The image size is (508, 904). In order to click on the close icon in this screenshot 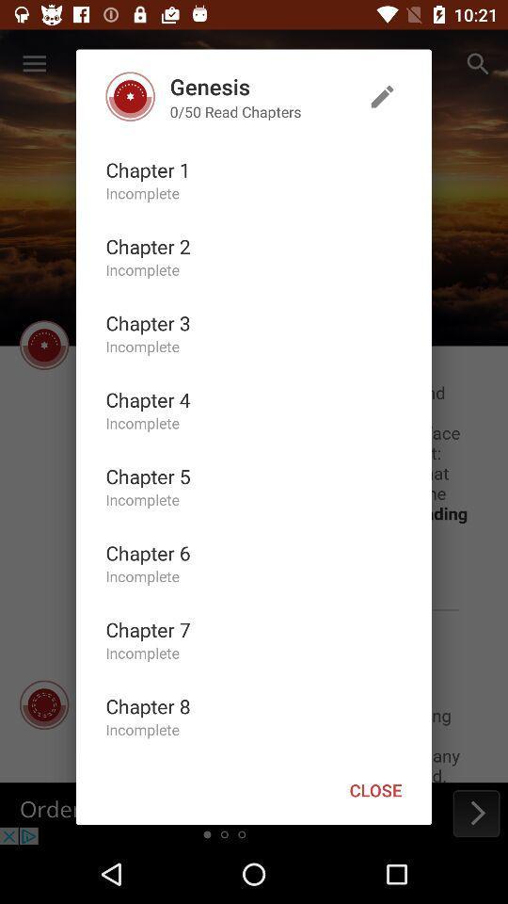, I will do `click(375, 790)`.